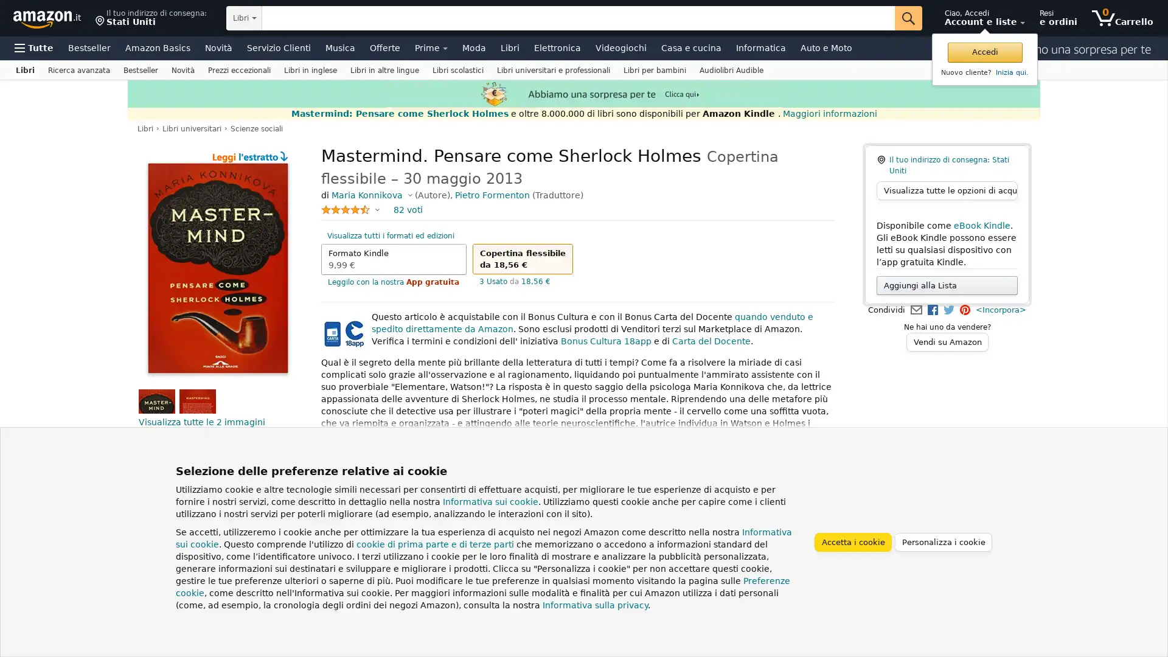 Image resolution: width=1168 pixels, height=657 pixels. What do you see at coordinates (349, 435) in the screenshot?
I see `Leggi di piu` at bounding box center [349, 435].